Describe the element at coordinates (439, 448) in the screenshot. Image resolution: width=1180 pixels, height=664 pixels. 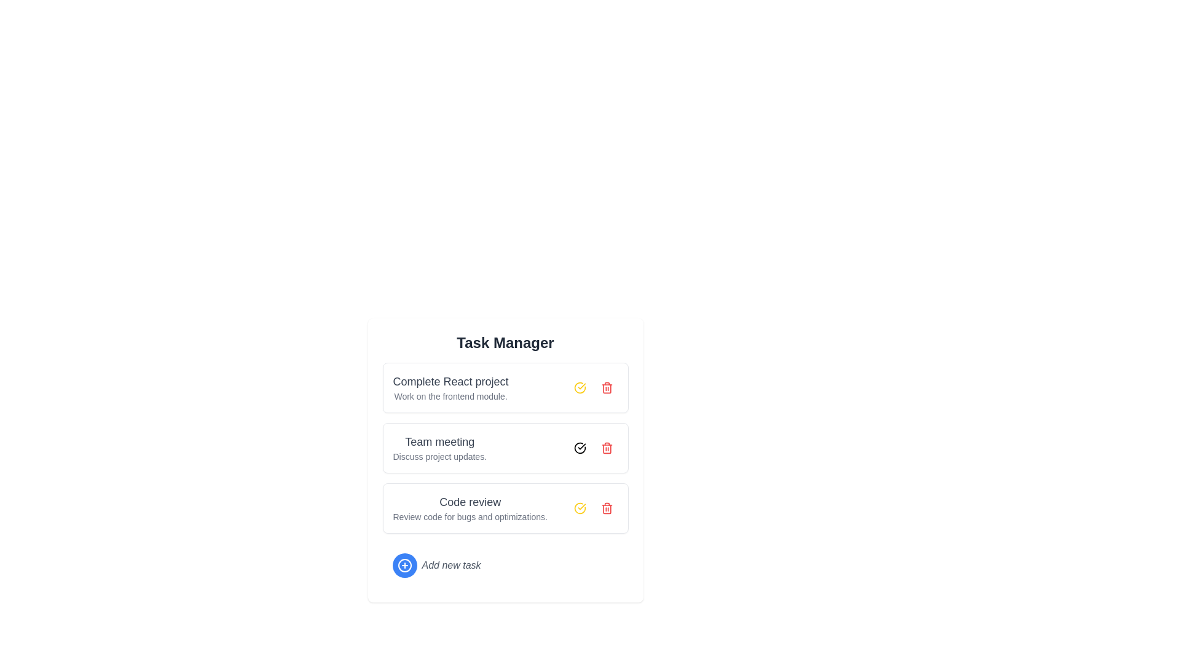
I see `title 'Team meeting' and the description 'Discuss project updates' from the second task item in the task list, which is styled with a larger font for the title and a smaller font for the description` at that location.